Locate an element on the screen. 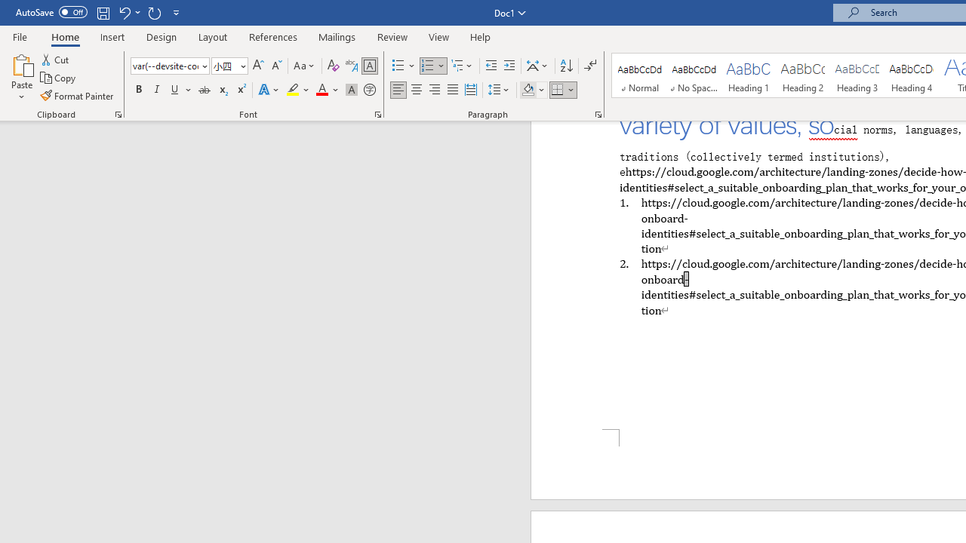 This screenshot has height=543, width=966. 'Line and Paragraph Spacing' is located at coordinates (499, 90).